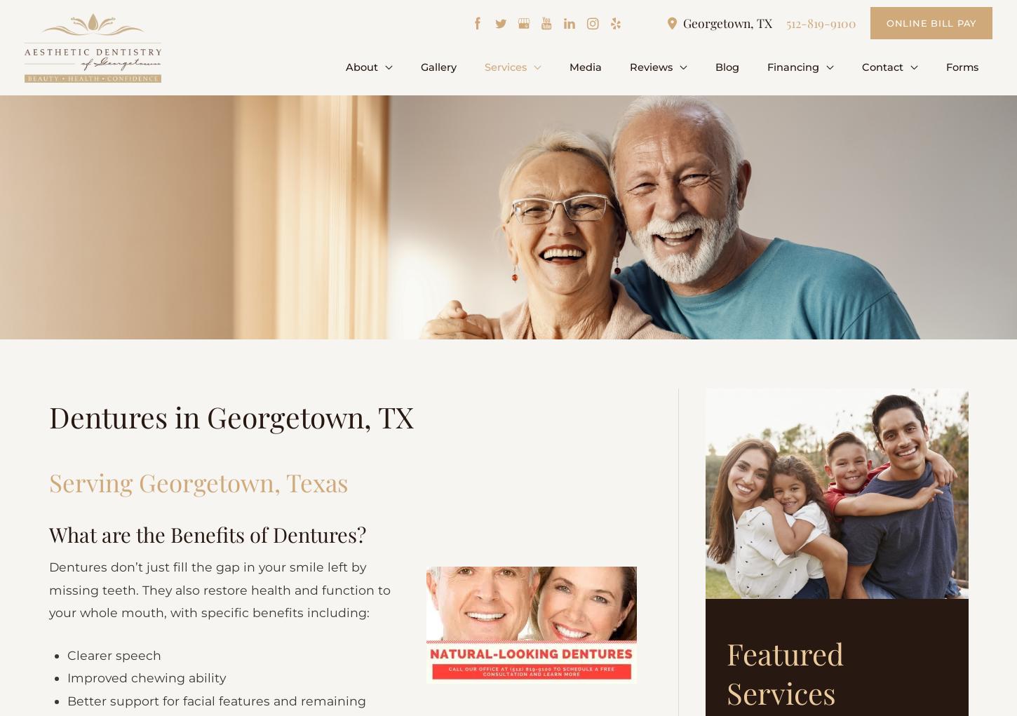 The image size is (1017, 716). I want to click on 'Online Bill Pay', so click(931, 22).